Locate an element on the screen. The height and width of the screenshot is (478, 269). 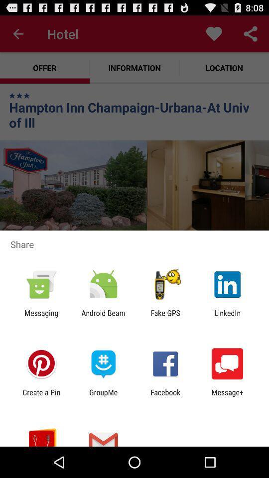
the icon to the right of the facebook is located at coordinates (227, 396).